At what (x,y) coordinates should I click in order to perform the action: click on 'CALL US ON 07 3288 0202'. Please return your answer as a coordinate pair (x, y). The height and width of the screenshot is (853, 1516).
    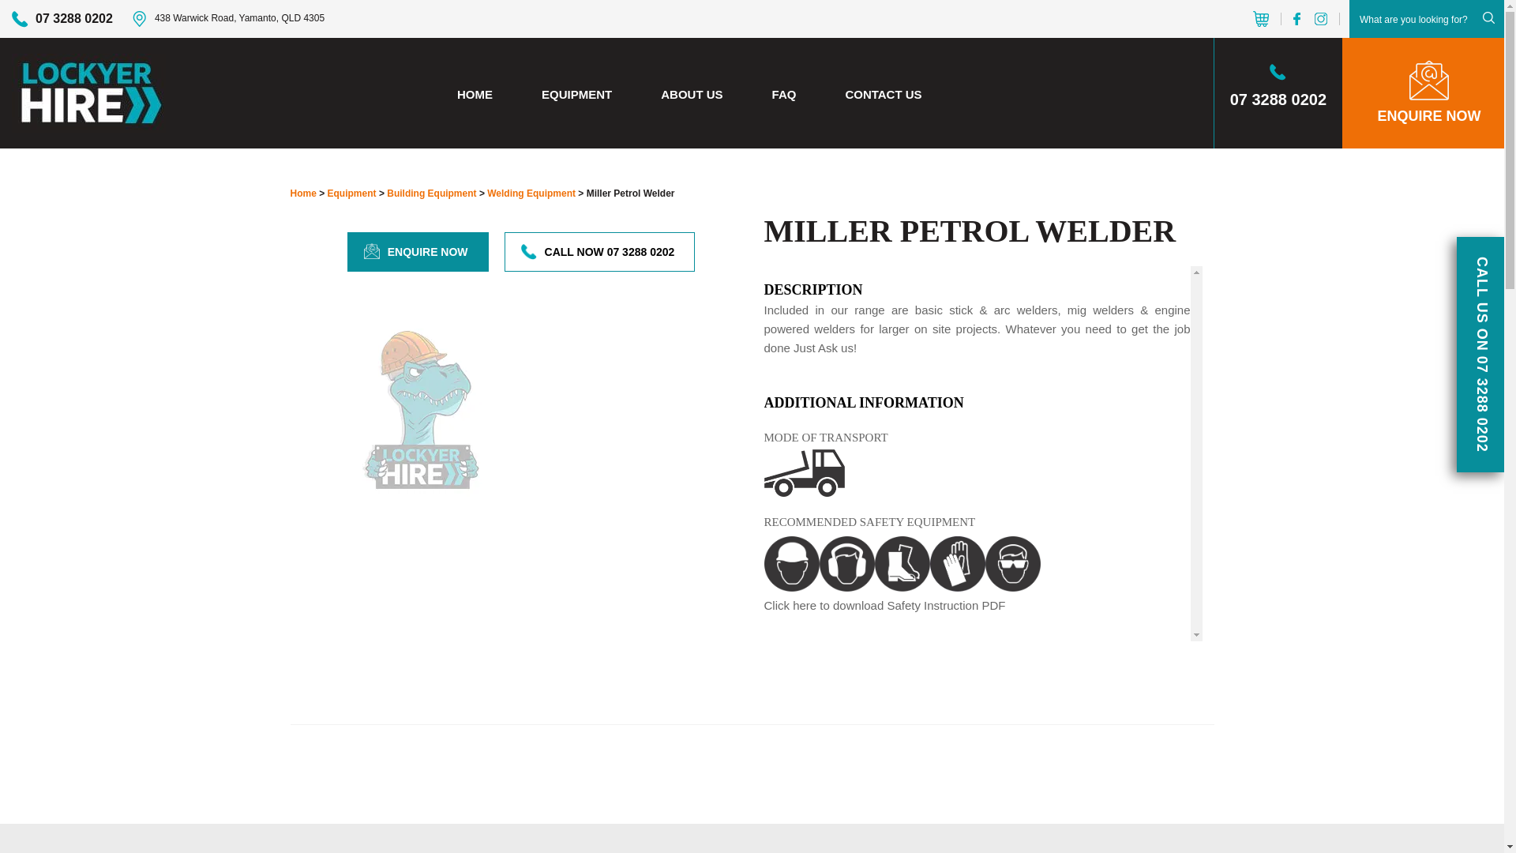
    Looking at the image, I should click on (1455, 353).